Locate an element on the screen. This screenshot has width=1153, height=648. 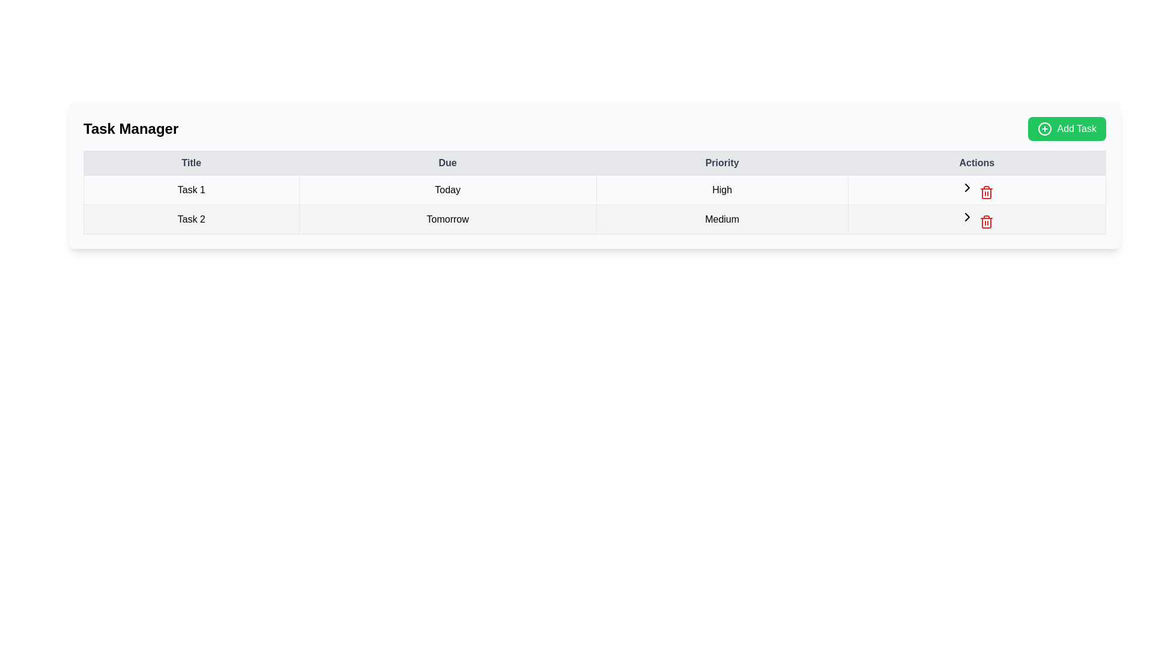
the trash bin icon in the Actions column of Task 1 is located at coordinates (976, 189).